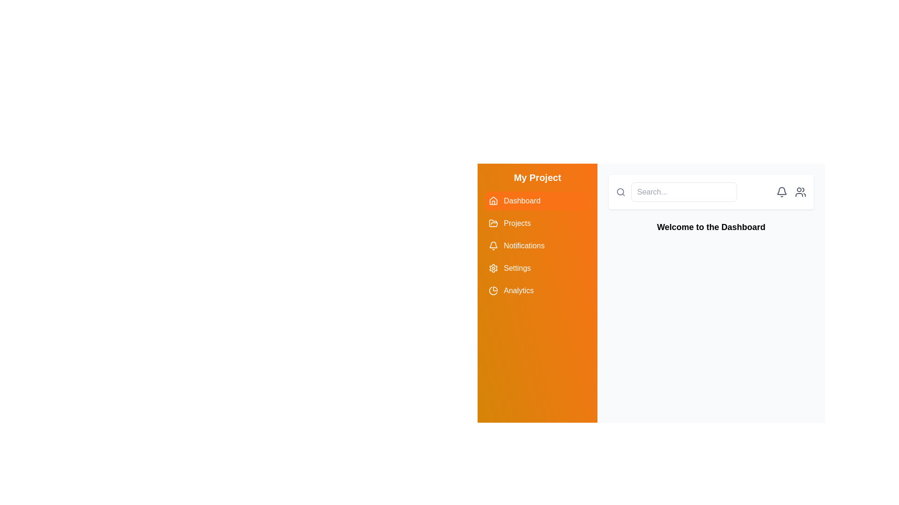  Describe the element at coordinates (537, 200) in the screenshot. I see `the orange 'Dashboard' button with a house icon on the left` at that location.